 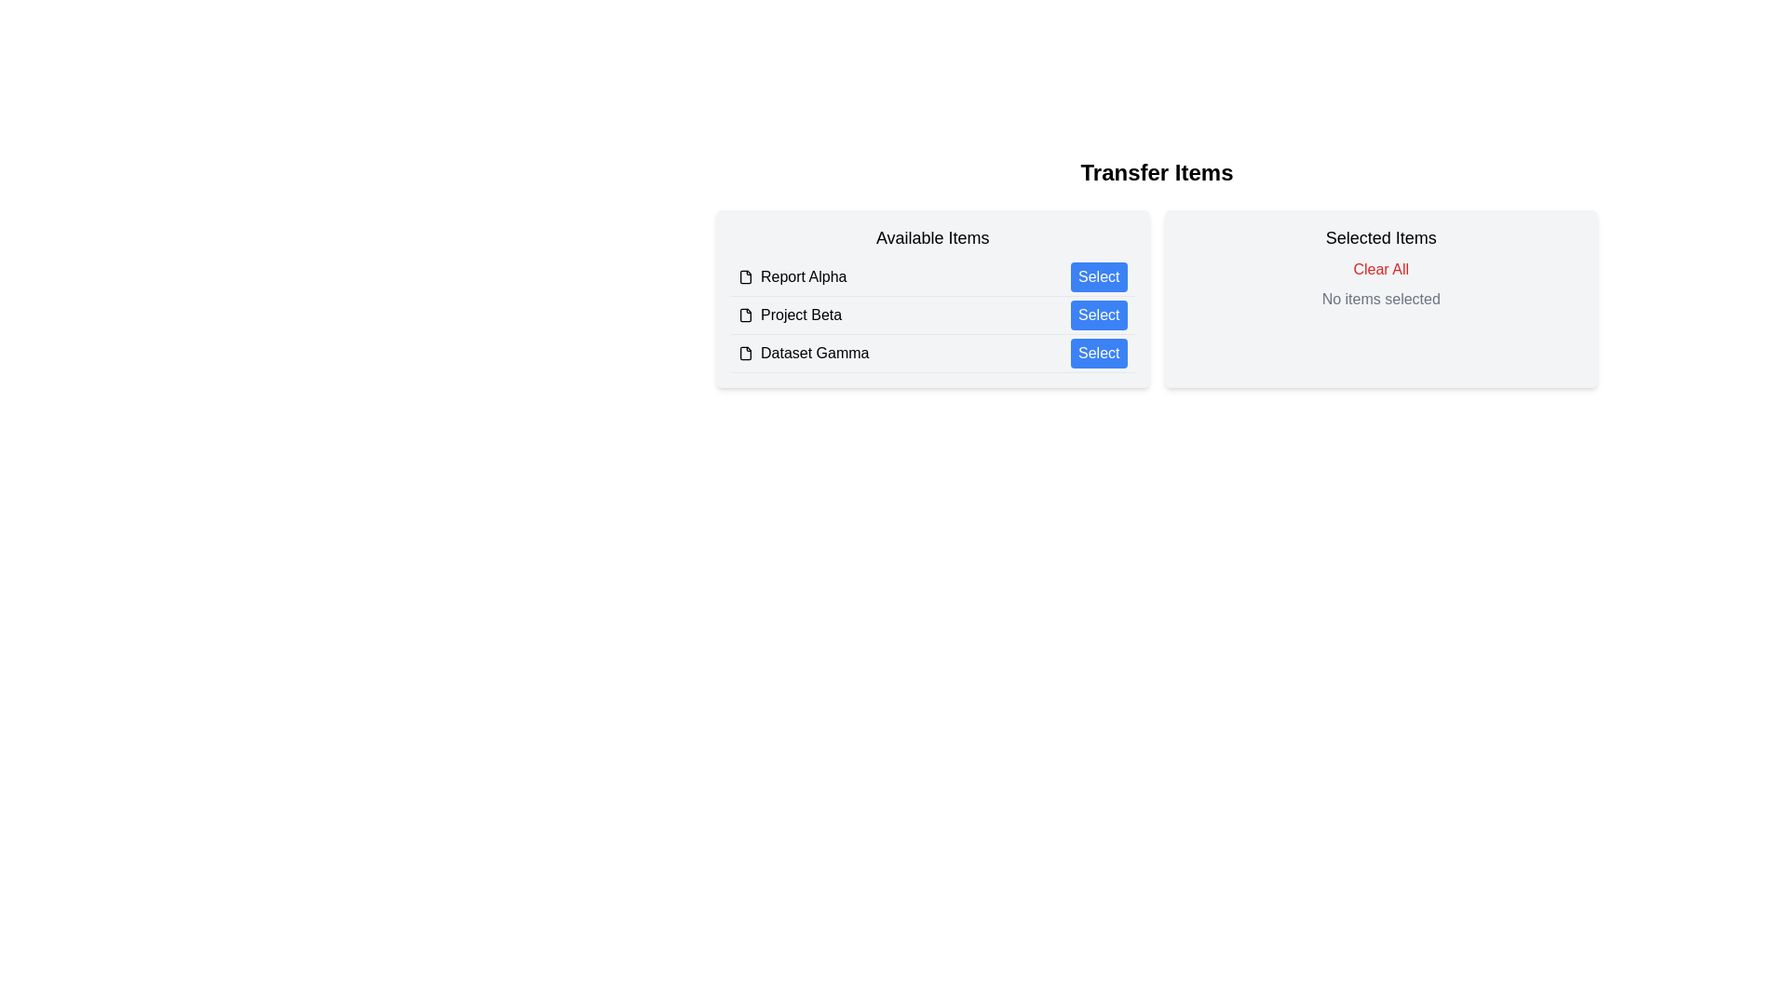 What do you see at coordinates (801, 315) in the screenshot?
I see `the text label 'Project Beta', which is the second item` at bounding box center [801, 315].